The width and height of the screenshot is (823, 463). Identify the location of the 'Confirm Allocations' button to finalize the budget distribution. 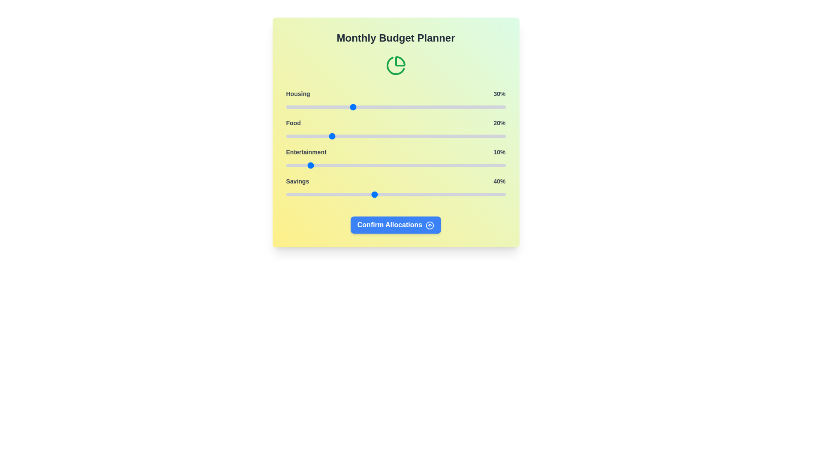
(395, 224).